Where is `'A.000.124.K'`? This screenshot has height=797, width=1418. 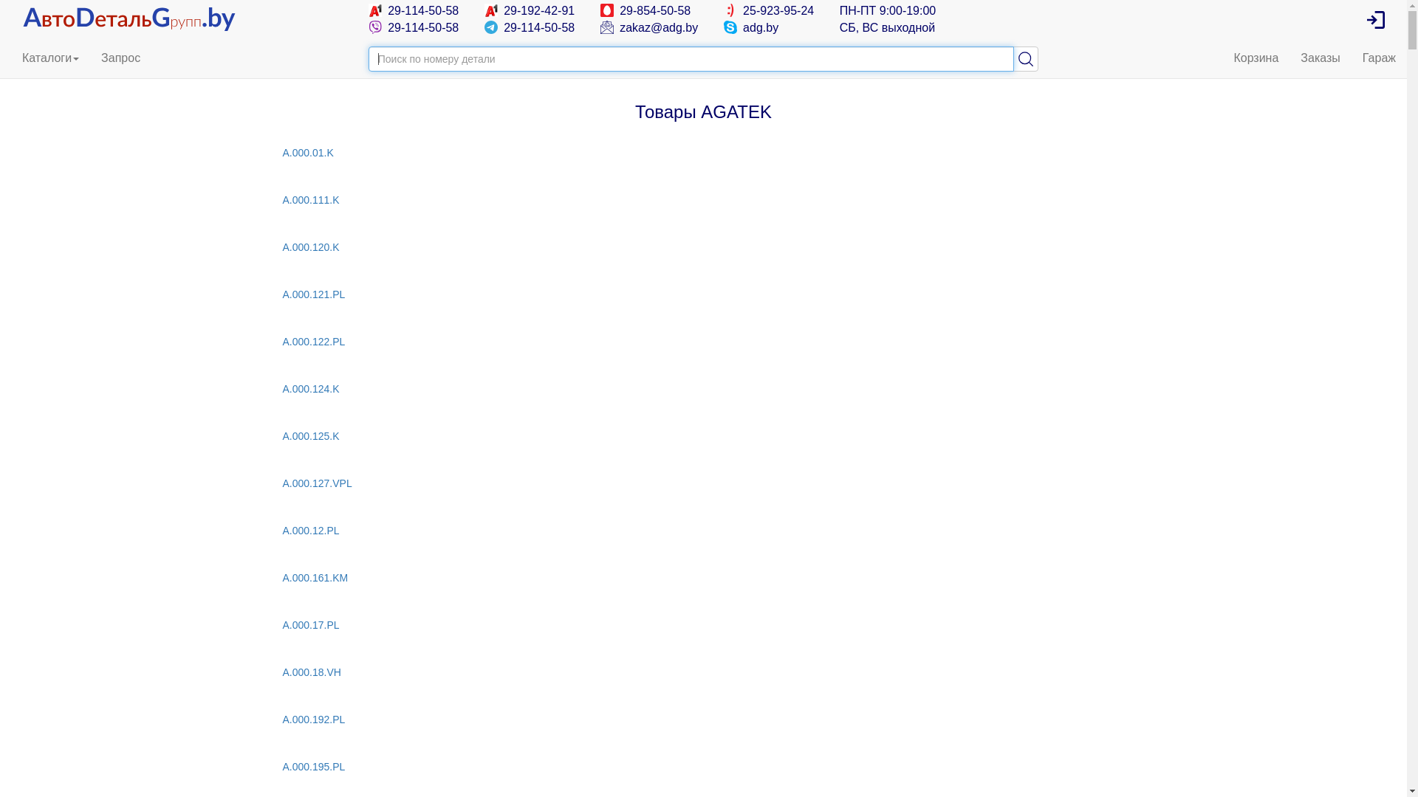 'A.000.124.K' is located at coordinates (282, 388).